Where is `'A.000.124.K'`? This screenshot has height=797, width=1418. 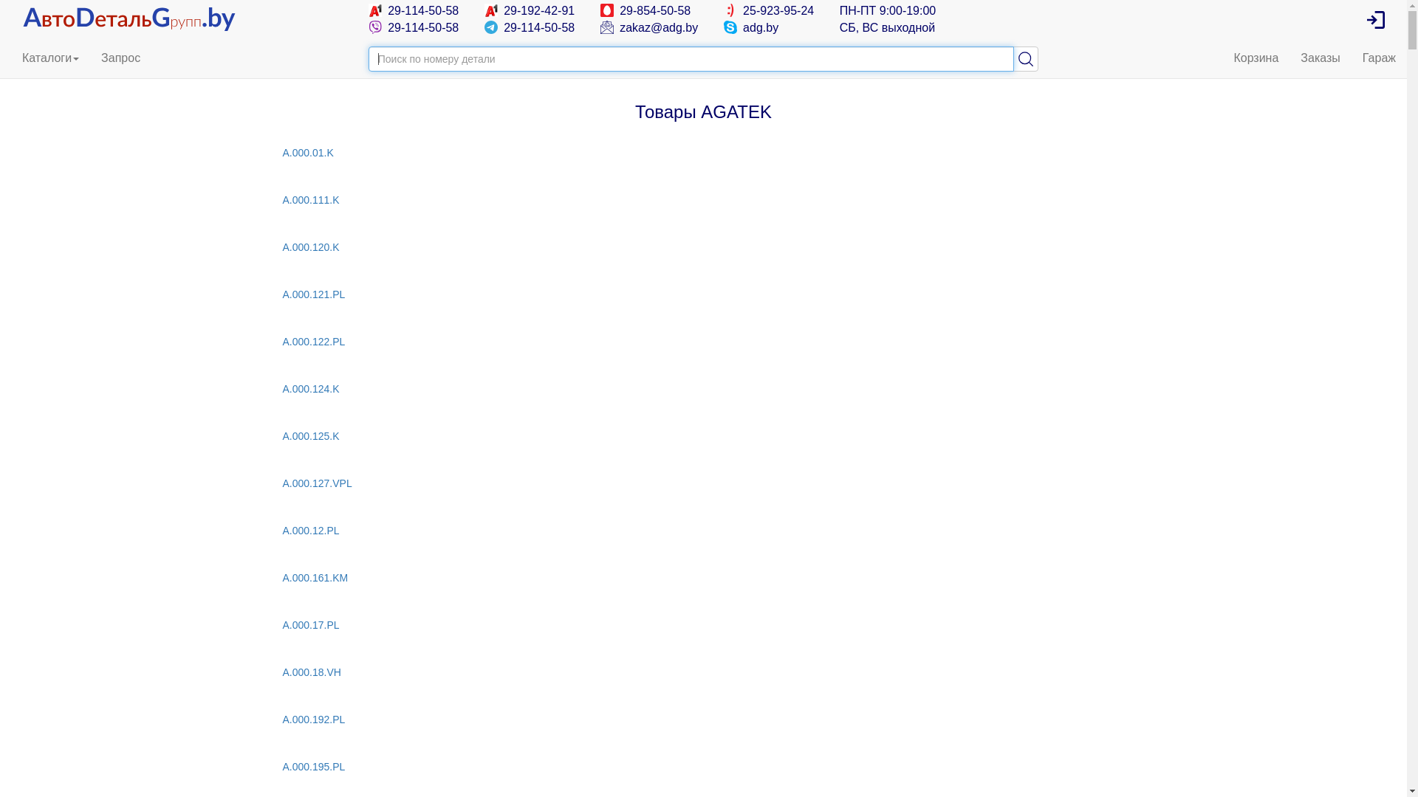 'A.000.124.K' is located at coordinates (282, 388).